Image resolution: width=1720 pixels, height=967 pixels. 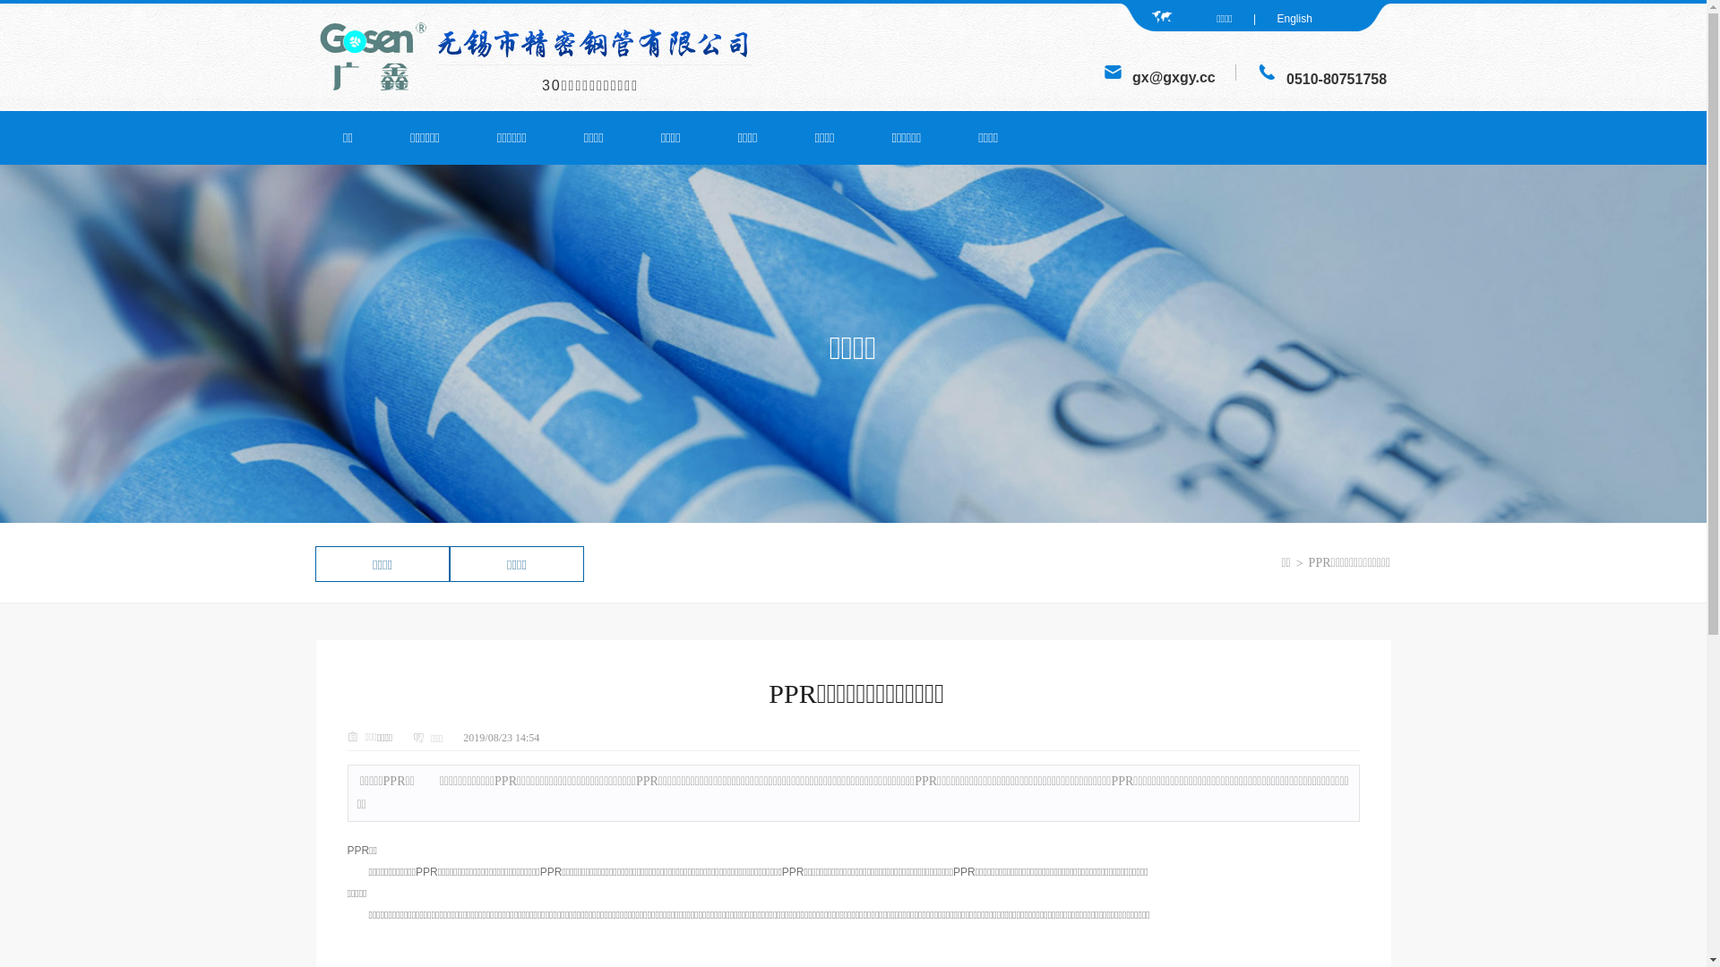 I want to click on 'gx@gxgy.cc', so click(x=1174, y=78).